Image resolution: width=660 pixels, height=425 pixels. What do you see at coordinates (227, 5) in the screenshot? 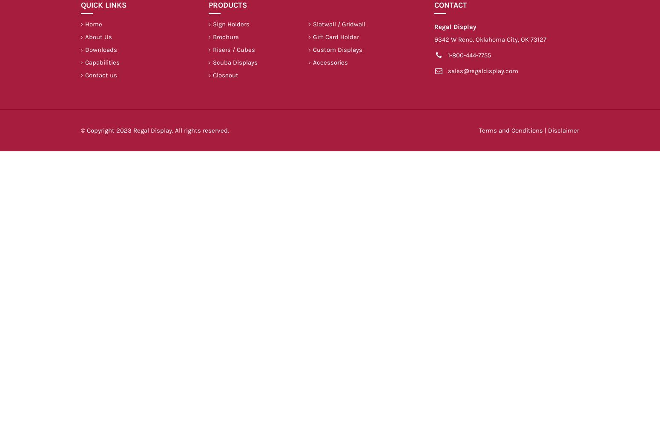
I see `'Products'` at bounding box center [227, 5].